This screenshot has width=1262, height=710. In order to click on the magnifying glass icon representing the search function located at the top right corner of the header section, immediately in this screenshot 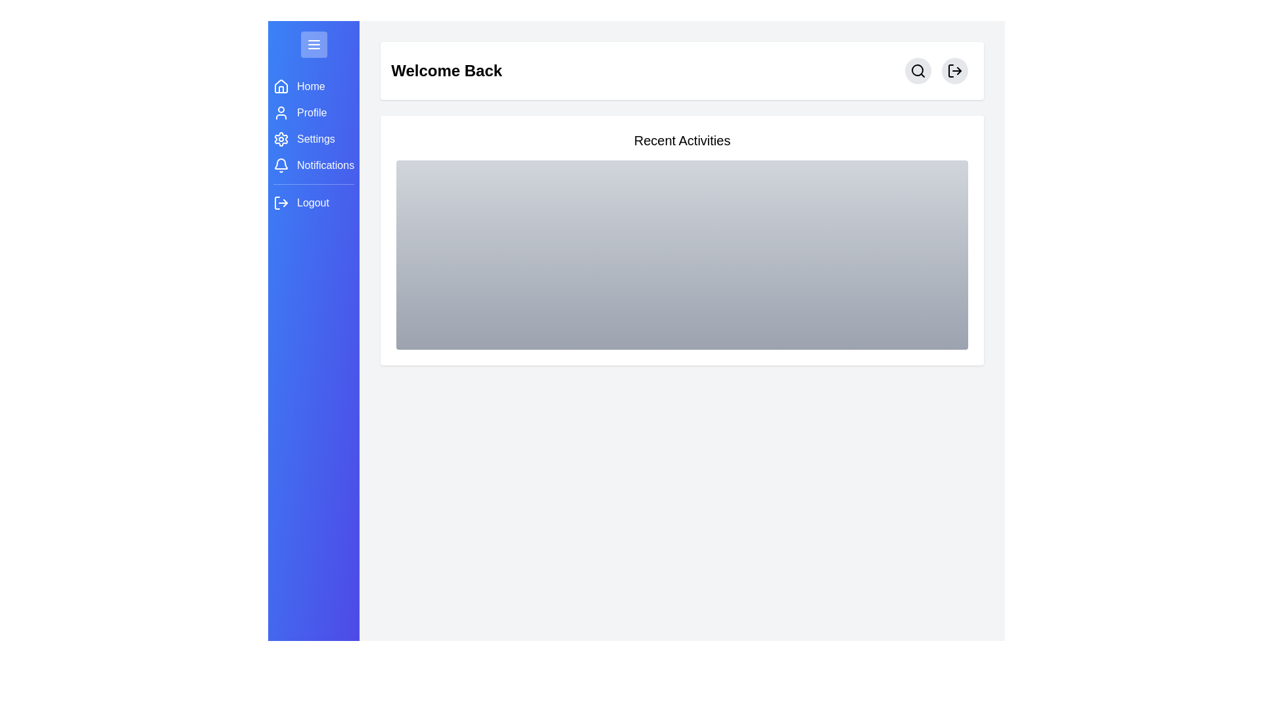, I will do `click(917, 71)`.